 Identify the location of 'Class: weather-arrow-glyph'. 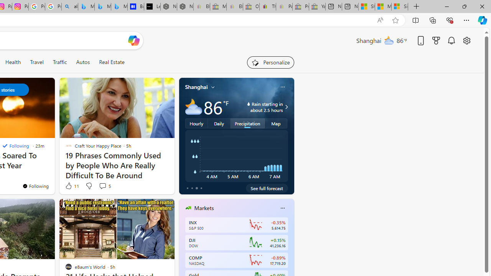
(286, 107).